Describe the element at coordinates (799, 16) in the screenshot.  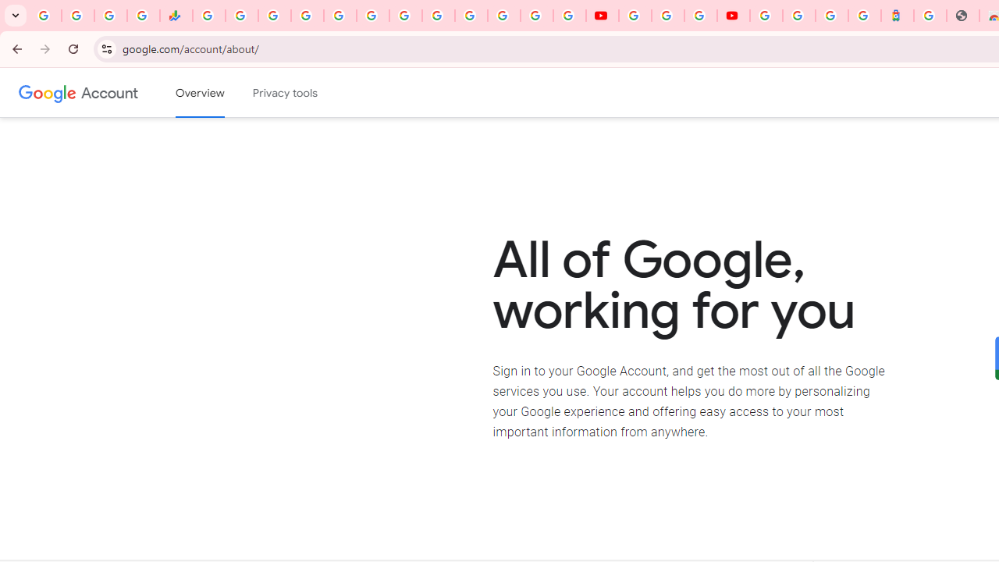
I see `'Sign in - Google Accounts'` at that location.